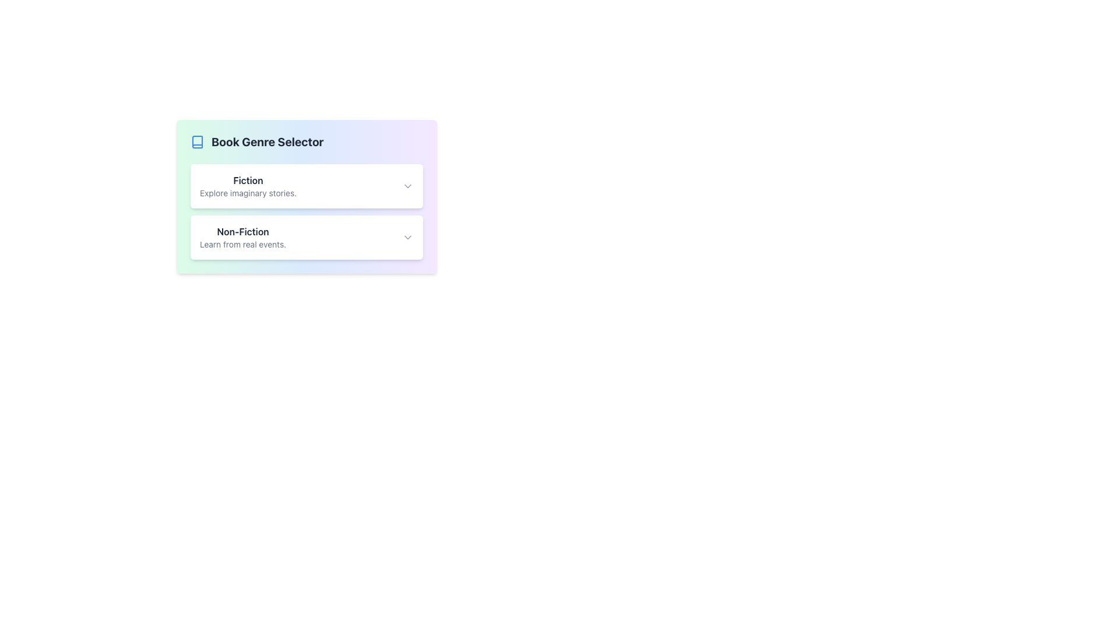 The image size is (1119, 629). Describe the element at coordinates (408, 237) in the screenshot. I see `the Chevron Dropdown Indicator located to the right of the 'Non-Fiction' genre in the Book Genre Selector` at that location.